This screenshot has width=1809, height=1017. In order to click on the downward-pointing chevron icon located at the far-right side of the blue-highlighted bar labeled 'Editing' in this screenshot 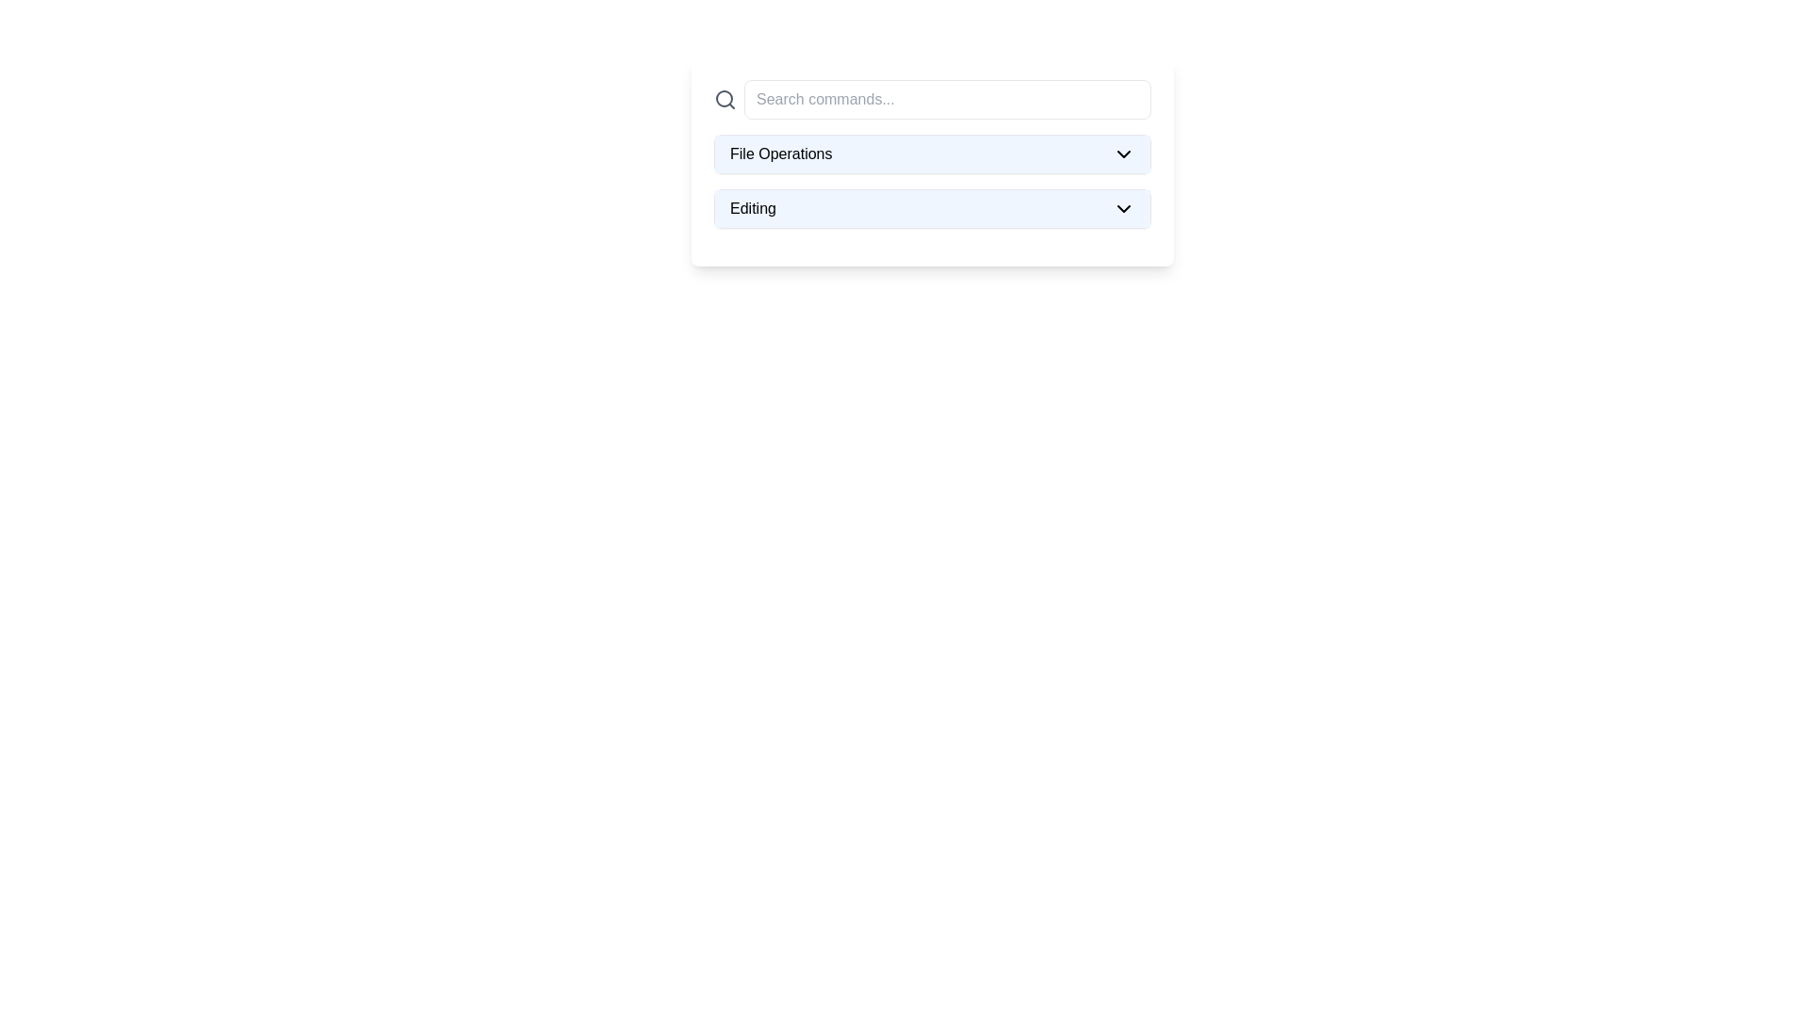, I will do `click(1124, 209)`.